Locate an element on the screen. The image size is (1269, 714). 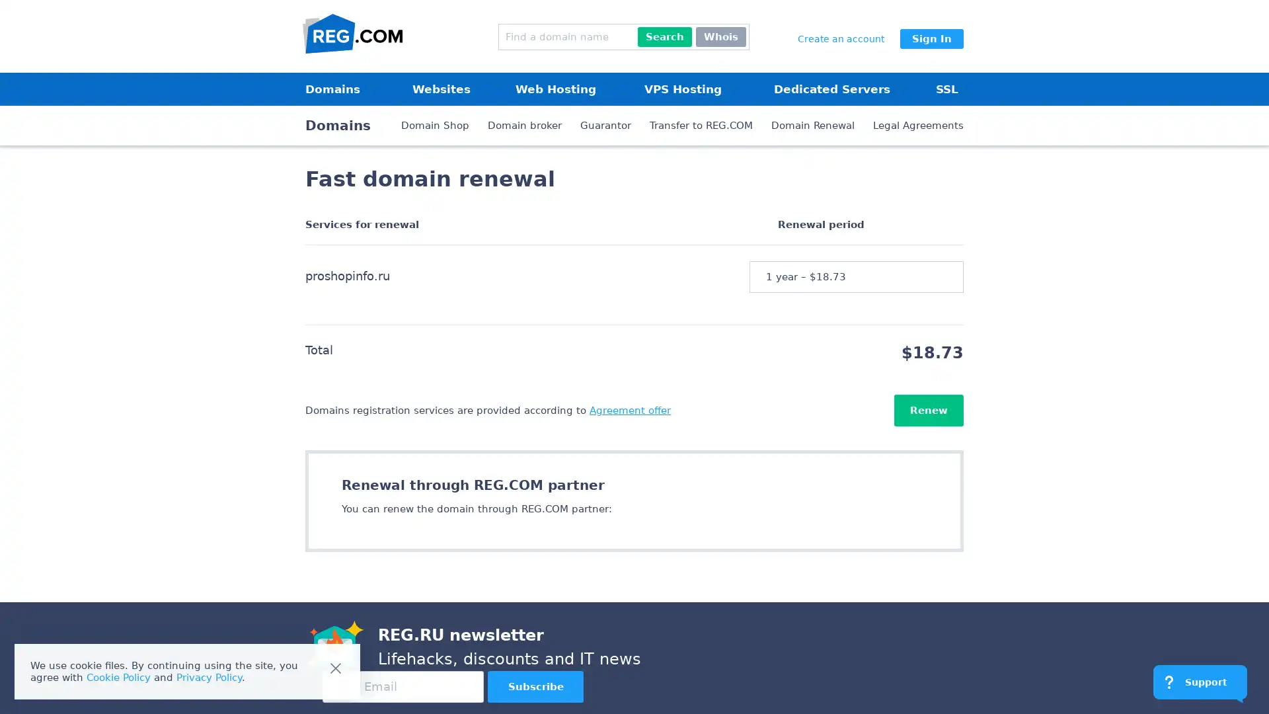
Renew is located at coordinates (928, 410).